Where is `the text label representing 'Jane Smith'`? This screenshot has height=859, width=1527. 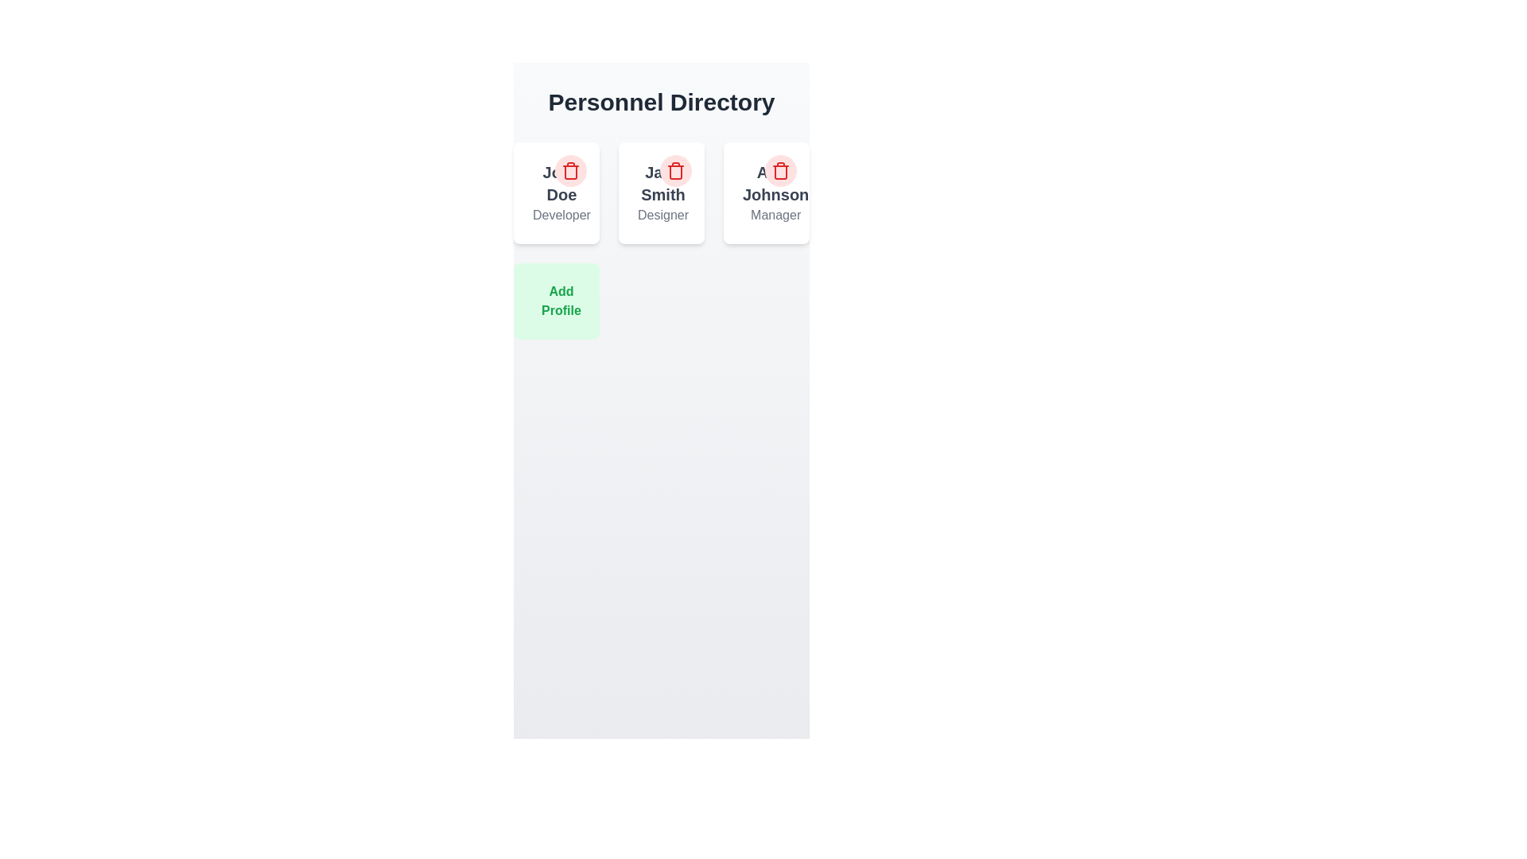
the text label representing 'Jane Smith' is located at coordinates (663, 192).